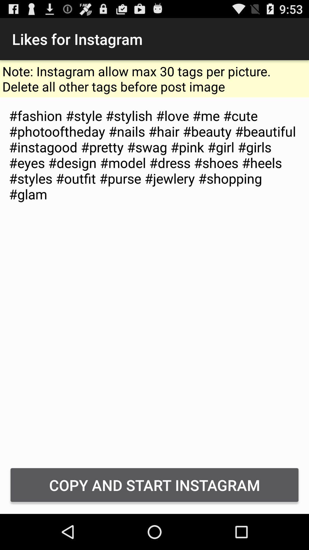 The image size is (309, 550). I want to click on item at the bottom, so click(154, 485).